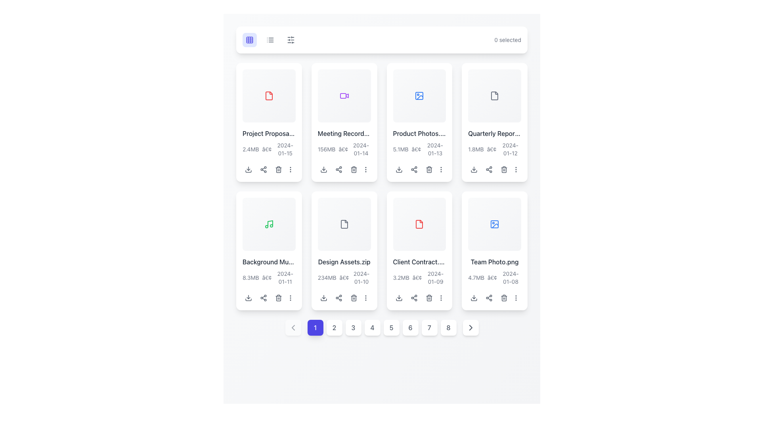  What do you see at coordinates (344, 262) in the screenshot?
I see `the text label that serves as the title of a file, located in the second row of a grid layout, specifically in the fourth card from the left` at bounding box center [344, 262].